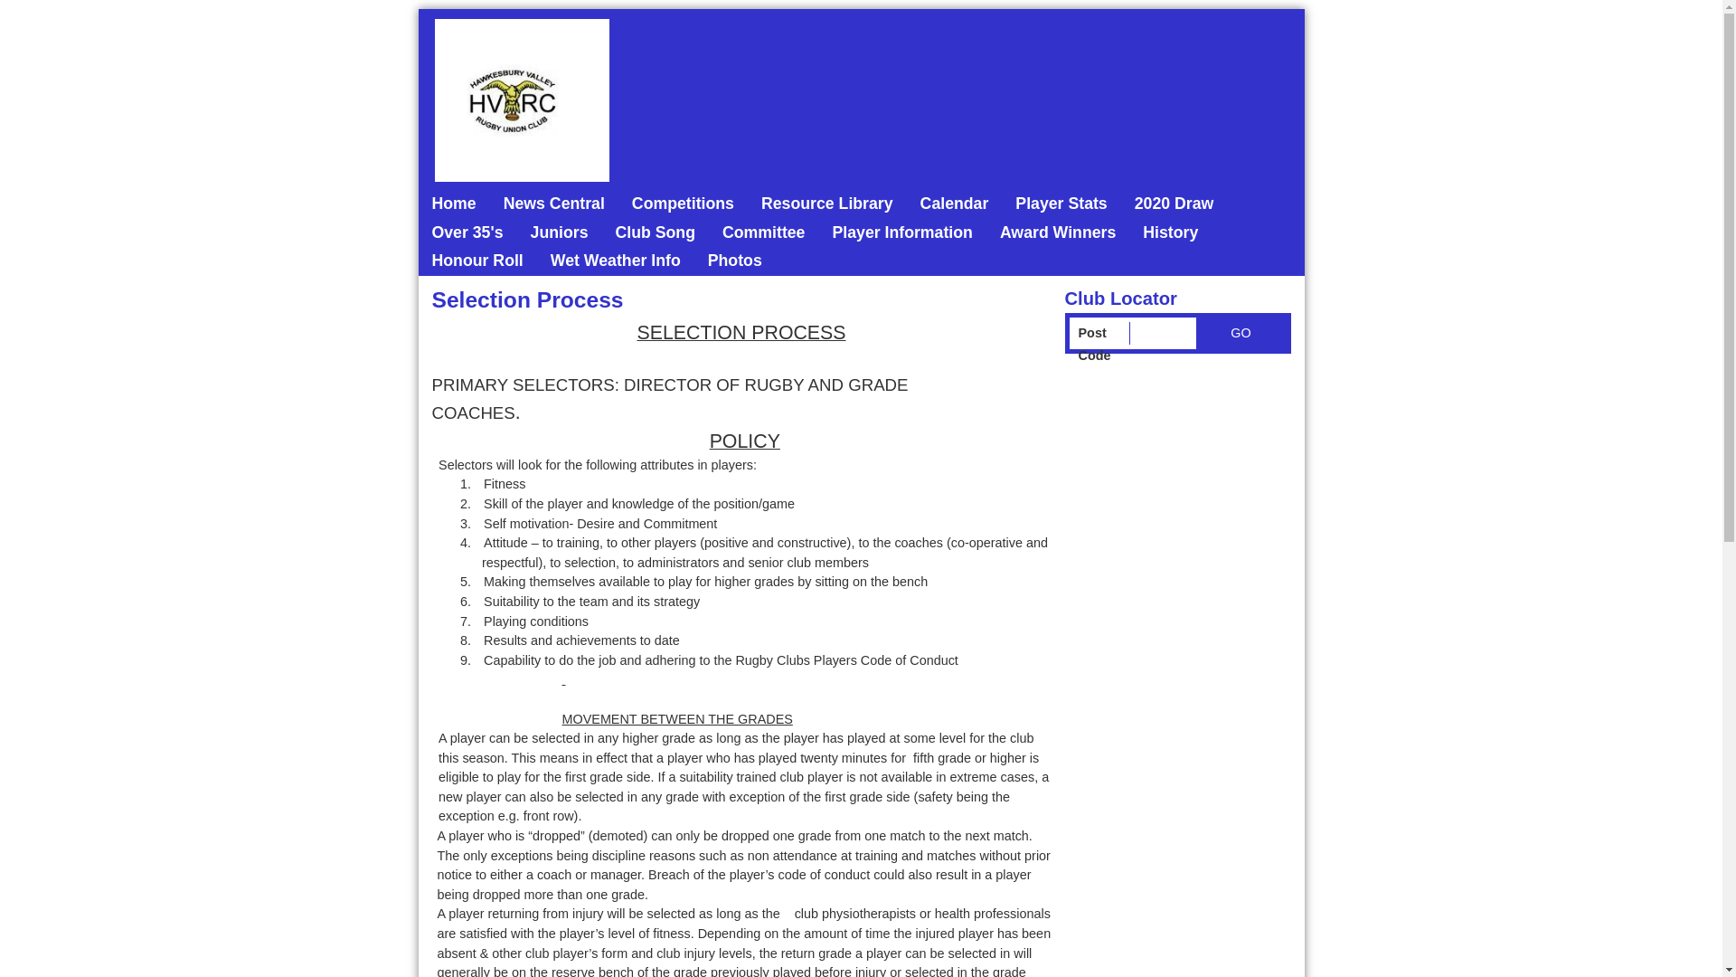 Image resolution: width=1736 pixels, height=977 pixels. Describe the element at coordinates (985, 232) in the screenshot. I see `'Award Winners'` at that location.